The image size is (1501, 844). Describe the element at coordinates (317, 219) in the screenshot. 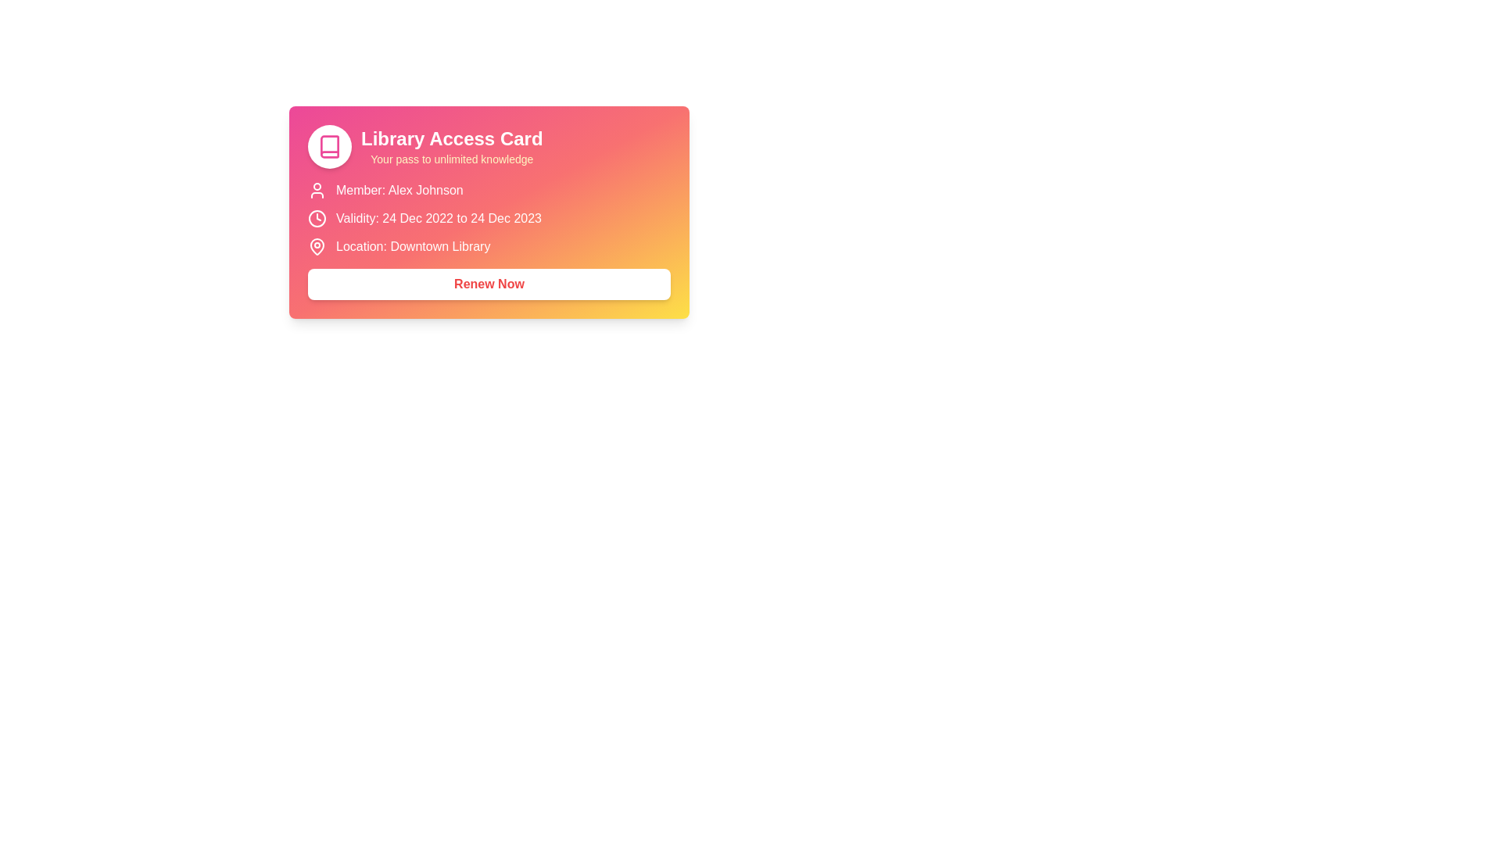

I see `properties of the SVG Circle that represents the clock icon, located to the left of the 'Validity: 24 Dec 2022 to 24 Dec 2023' text` at that location.